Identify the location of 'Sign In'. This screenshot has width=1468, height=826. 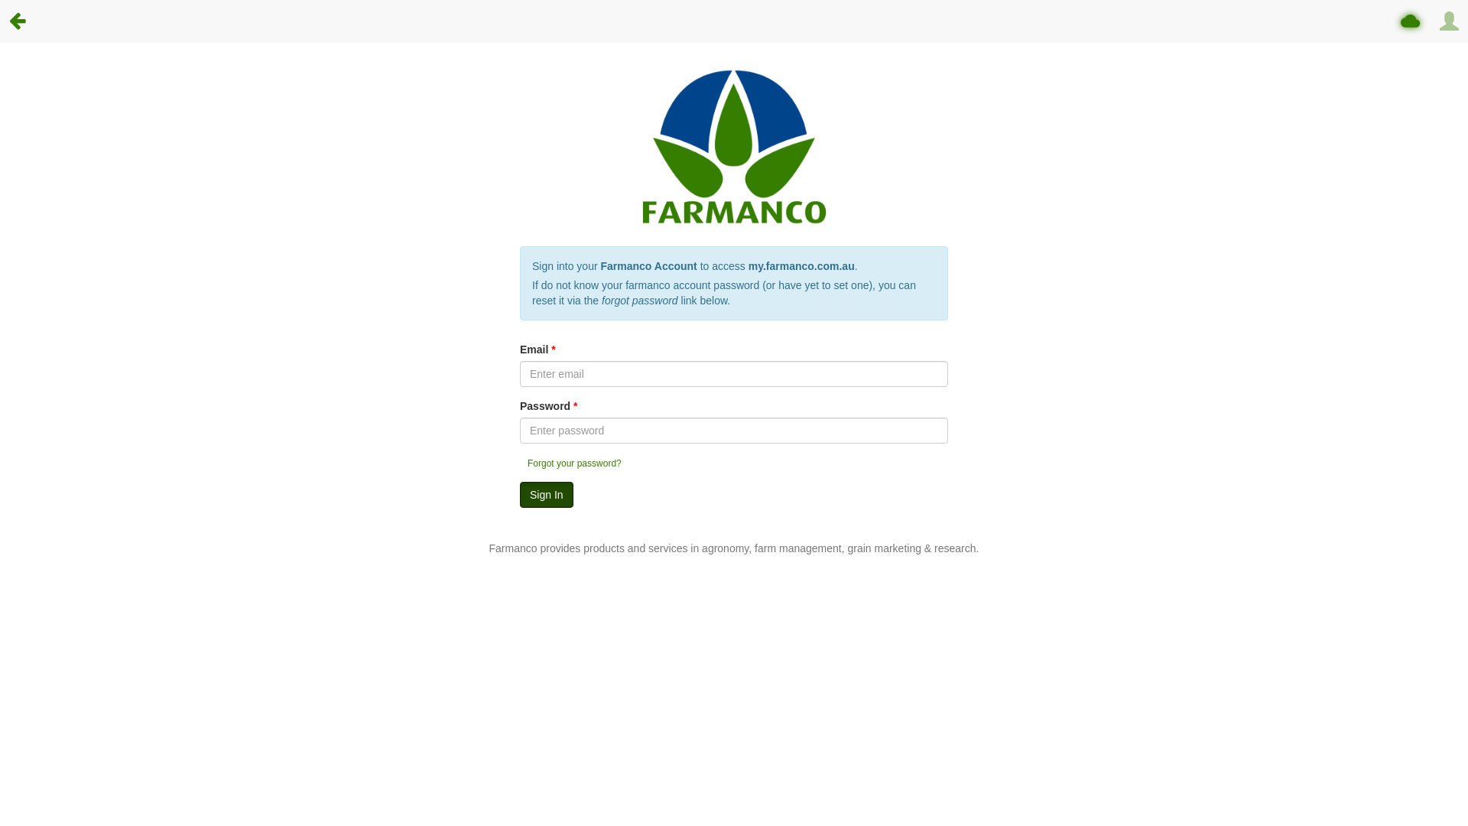
(547, 495).